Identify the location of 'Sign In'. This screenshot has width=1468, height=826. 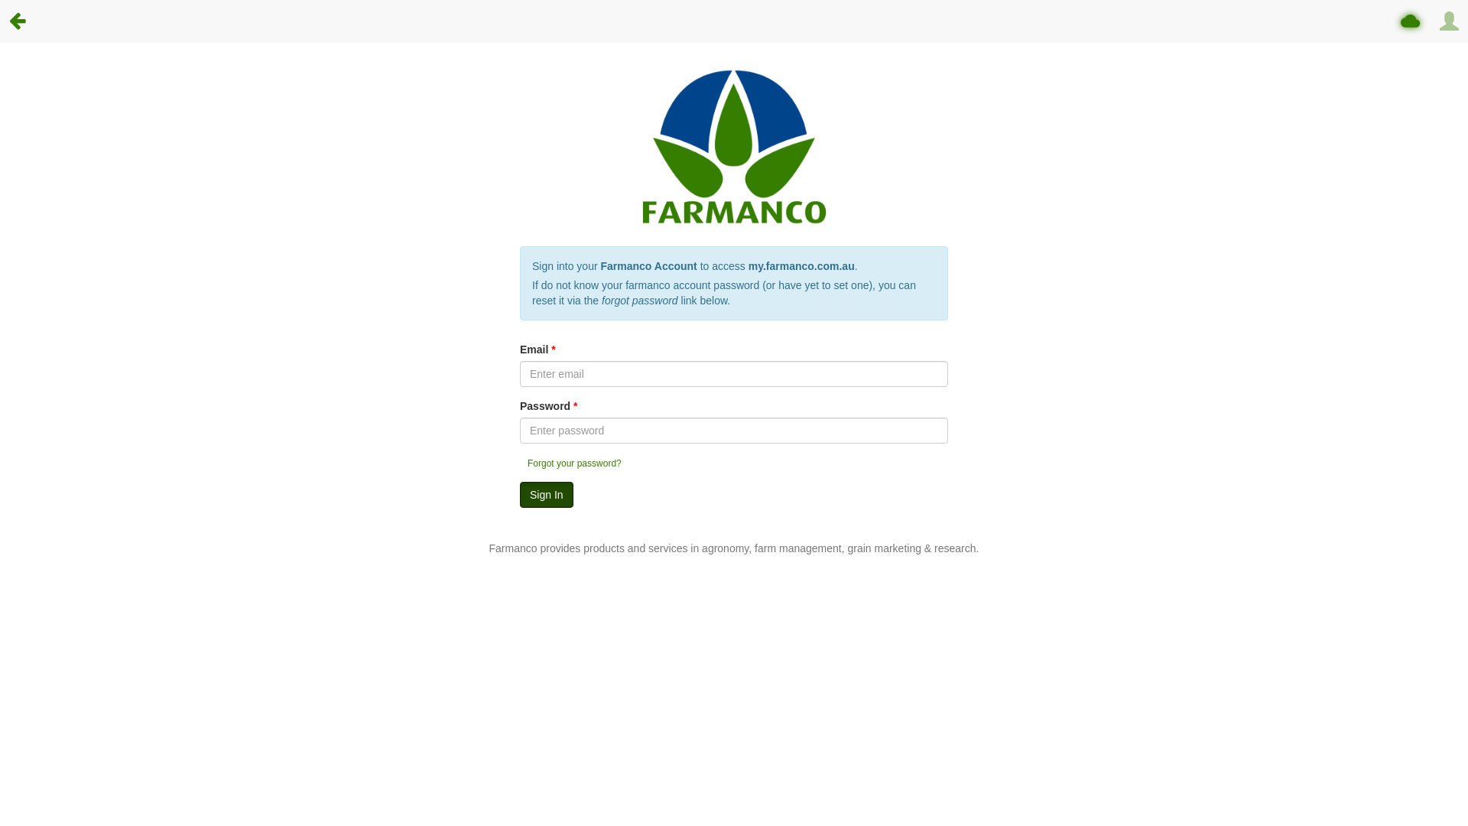
(547, 495).